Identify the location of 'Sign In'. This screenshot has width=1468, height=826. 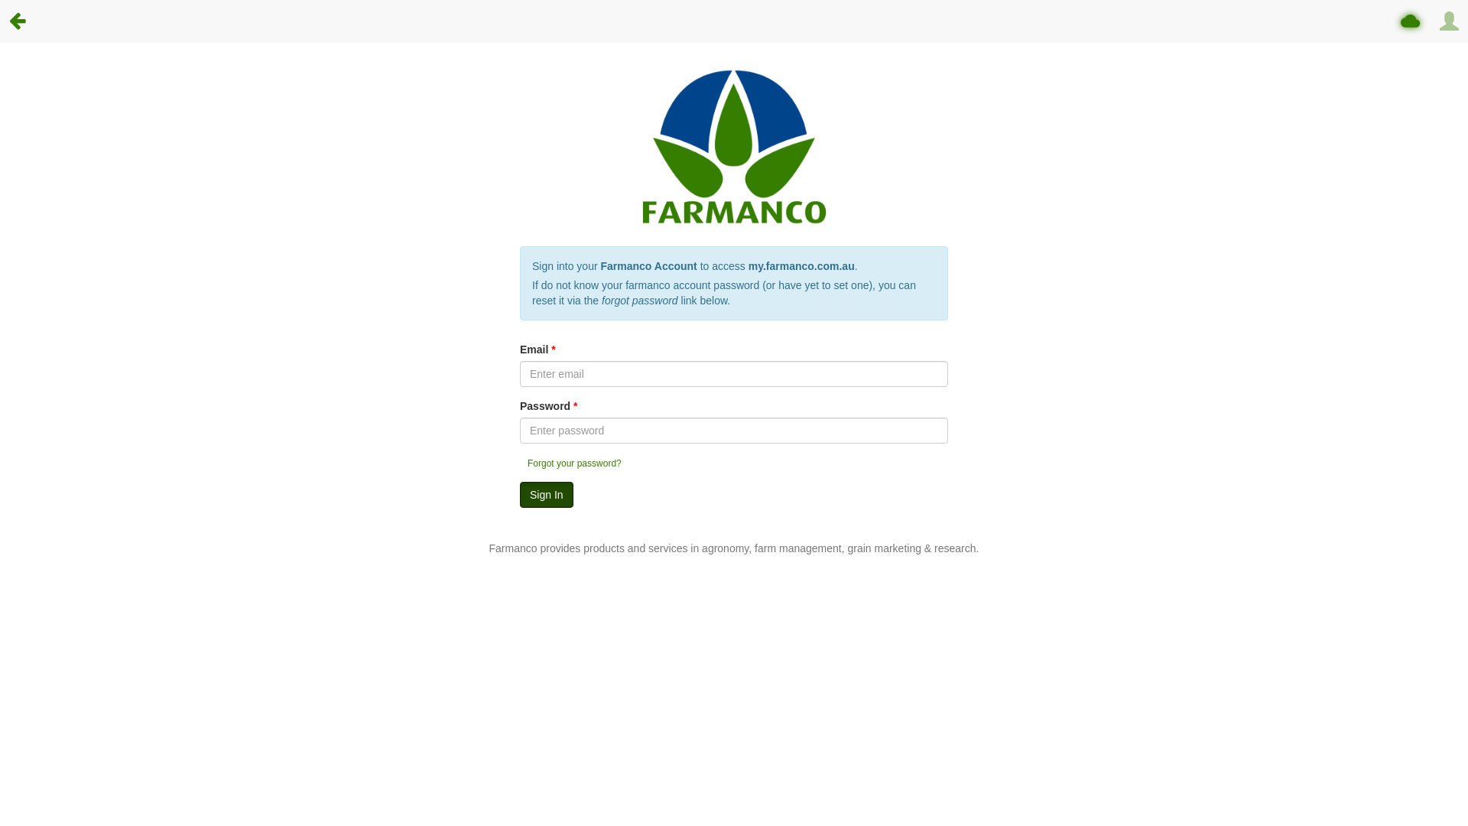
(547, 495).